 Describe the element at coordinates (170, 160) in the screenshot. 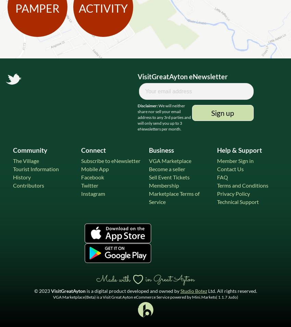

I see `'VGA Marketplace'` at that location.